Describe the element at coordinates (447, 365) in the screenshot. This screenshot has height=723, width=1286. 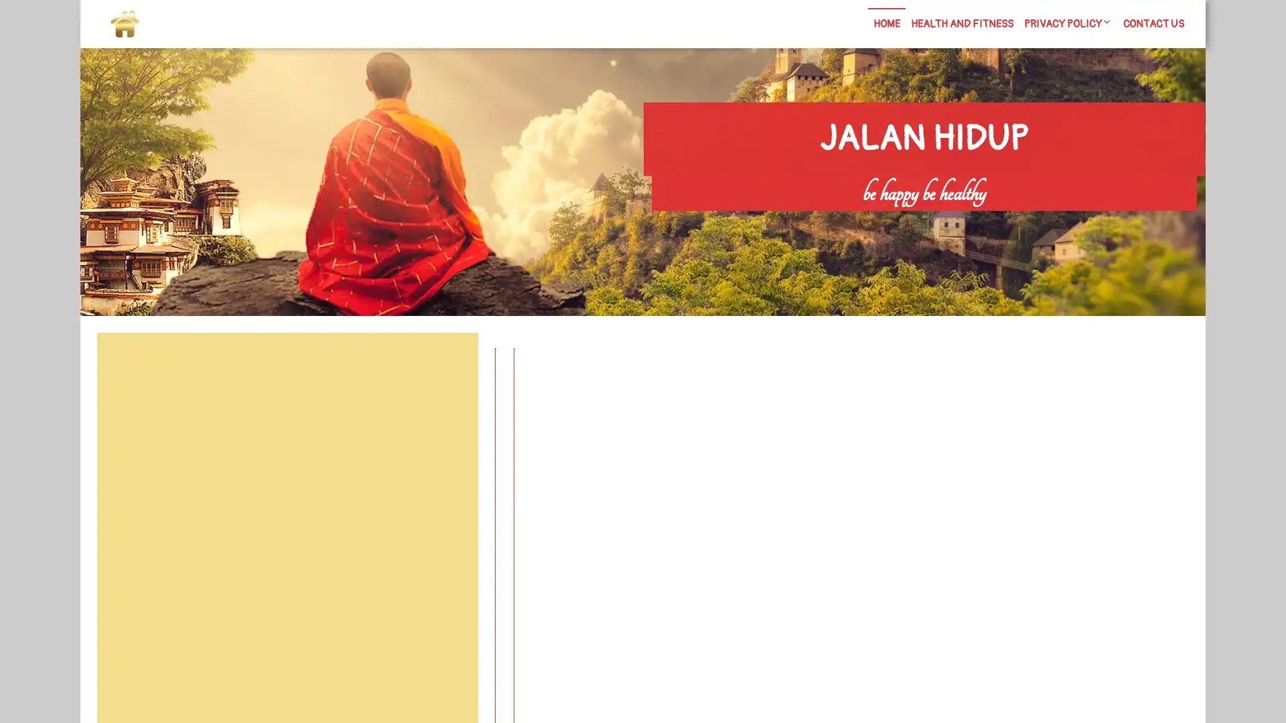
I see `Search` at that location.